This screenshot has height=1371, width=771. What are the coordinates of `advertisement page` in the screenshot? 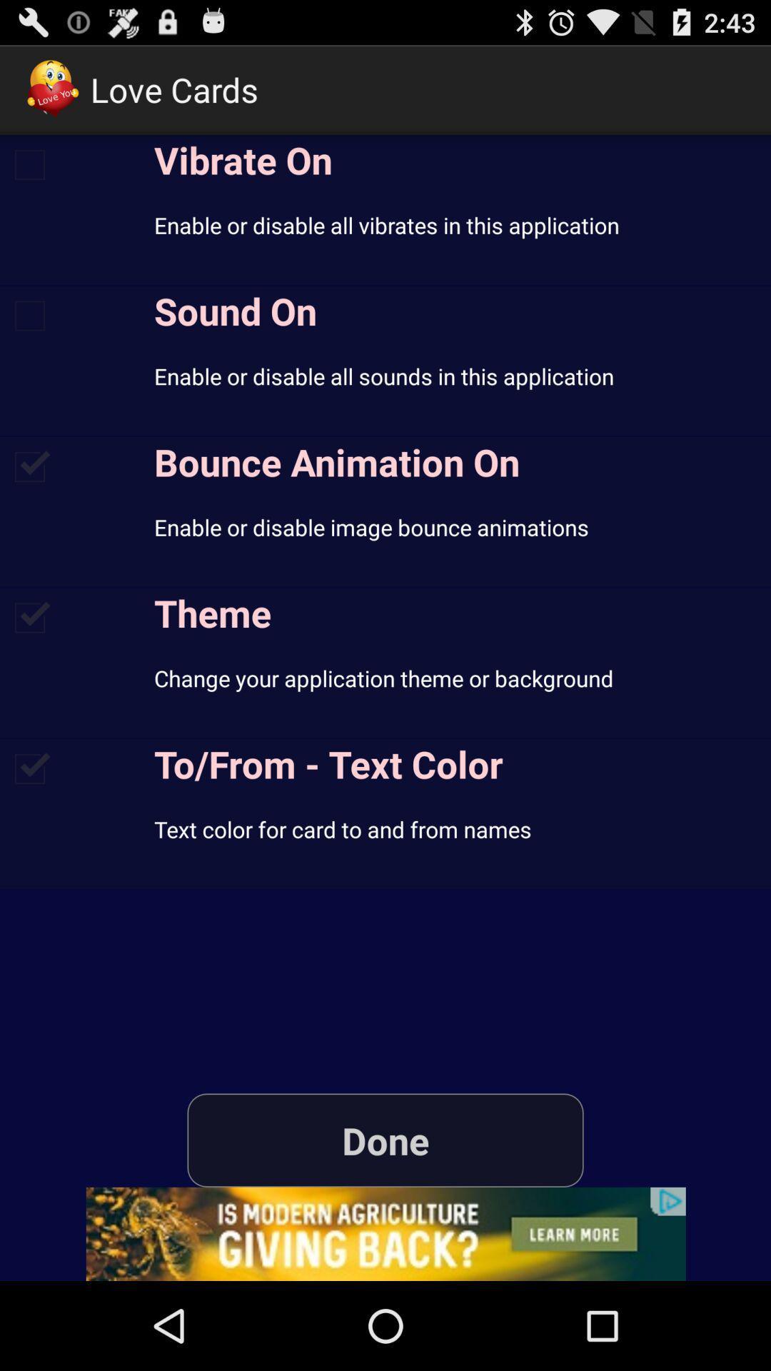 It's located at (385, 1233).